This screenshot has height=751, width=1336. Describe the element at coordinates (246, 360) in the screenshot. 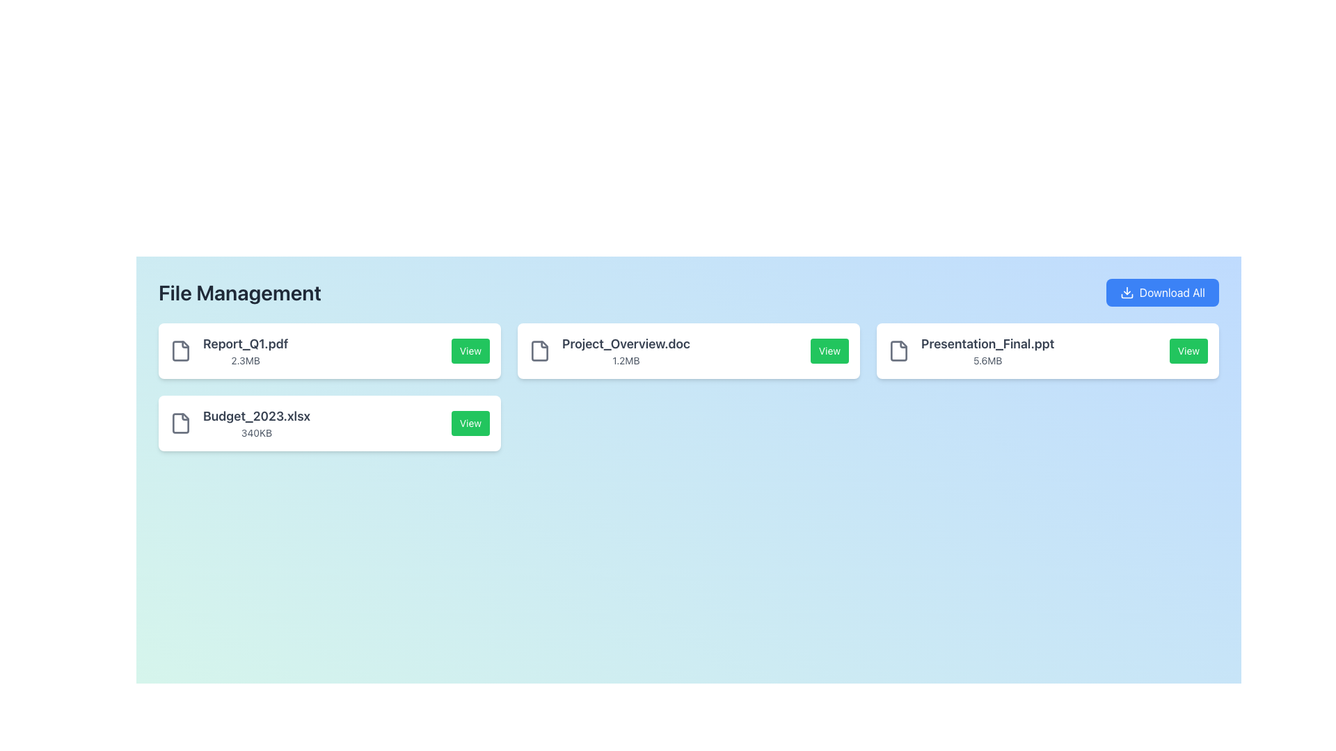

I see `the text label displaying the file size '2.3MB' located below the title 'Report_Q1.pdf' in the upper-left card of the document grid` at that location.